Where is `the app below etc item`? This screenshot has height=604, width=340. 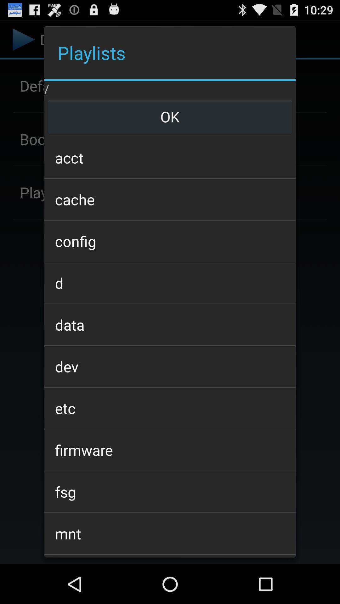 the app below etc item is located at coordinates (170, 450).